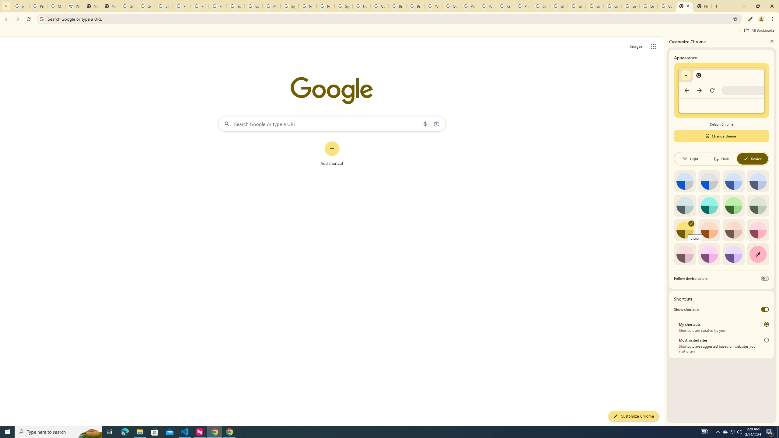 The width and height of the screenshot is (779, 438). What do you see at coordinates (709, 230) in the screenshot?
I see `'Orange'` at bounding box center [709, 230].